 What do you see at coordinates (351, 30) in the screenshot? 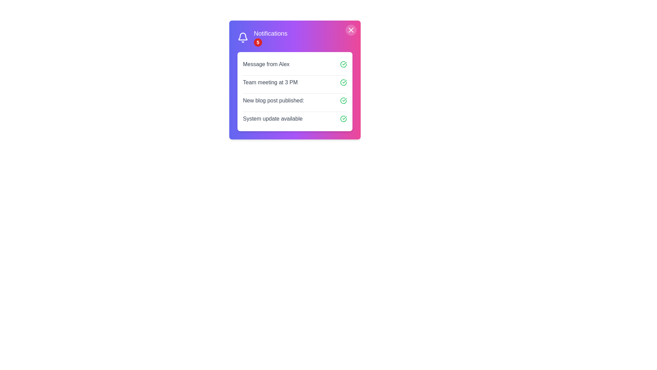
I see `the 'X' icon button in the top-right corner of the pop-up notification panel` at bounding box center [351, 30].